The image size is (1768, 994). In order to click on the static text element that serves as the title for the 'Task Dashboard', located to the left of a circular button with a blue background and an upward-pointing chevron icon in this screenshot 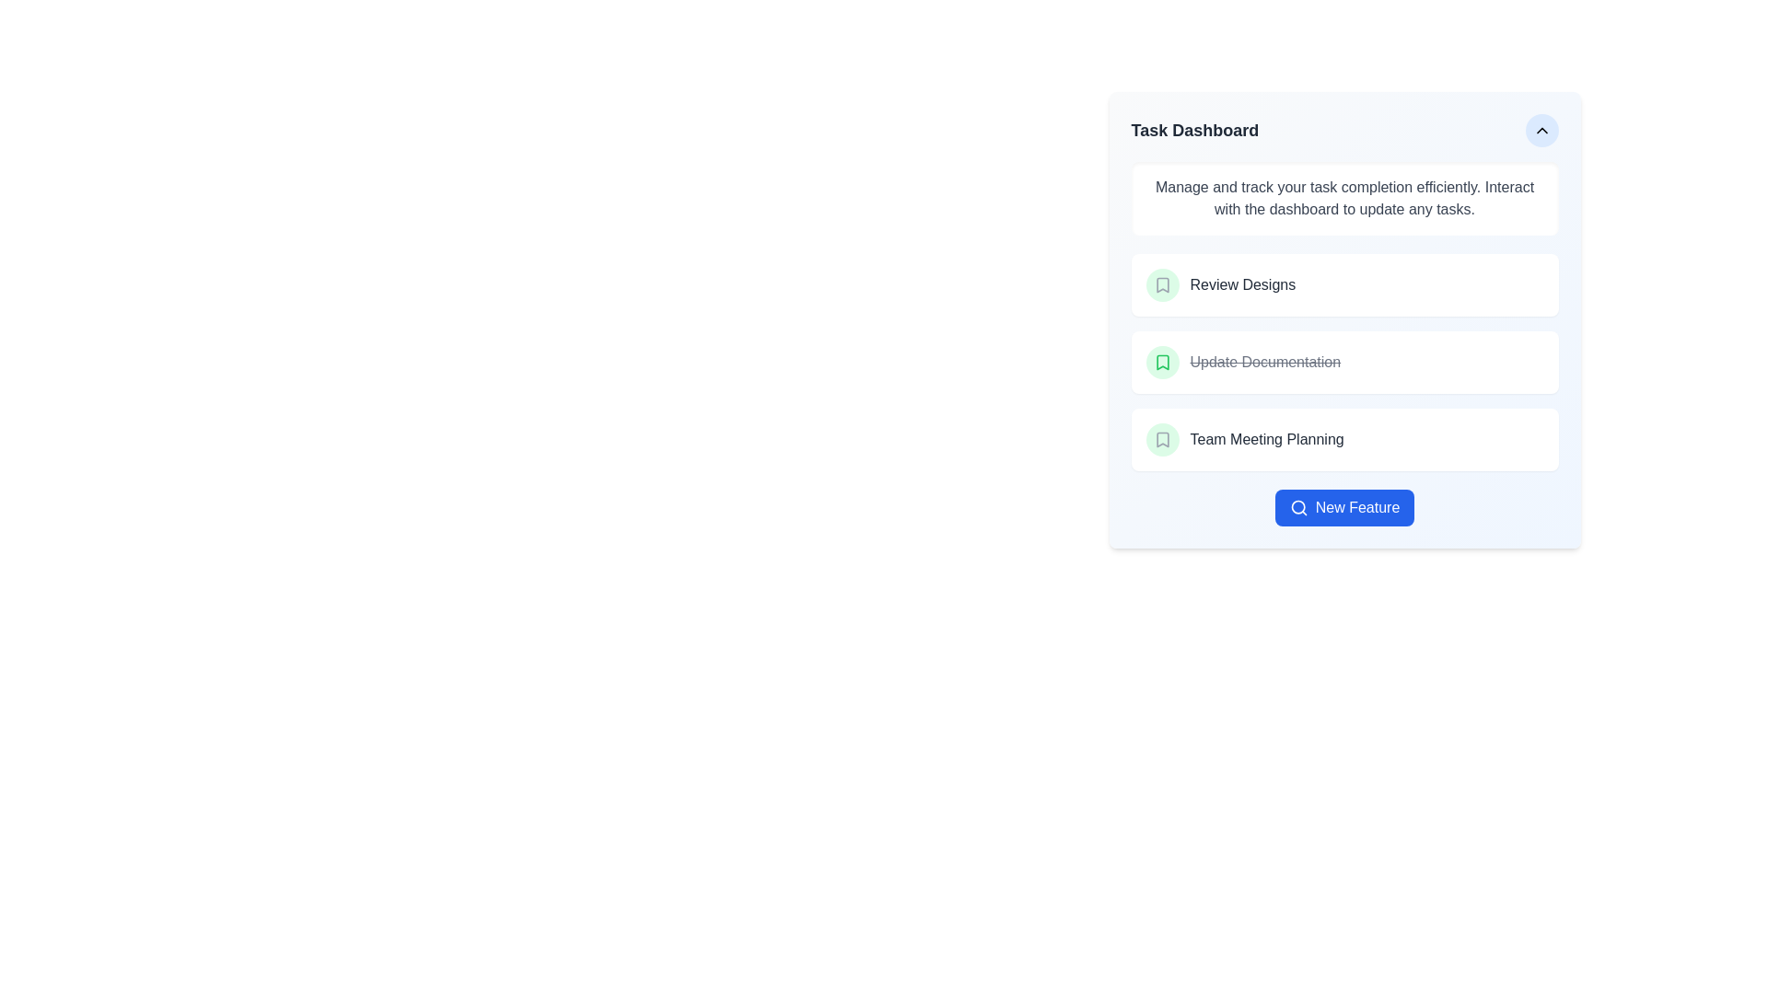, I will do `click(1194, 130)`.